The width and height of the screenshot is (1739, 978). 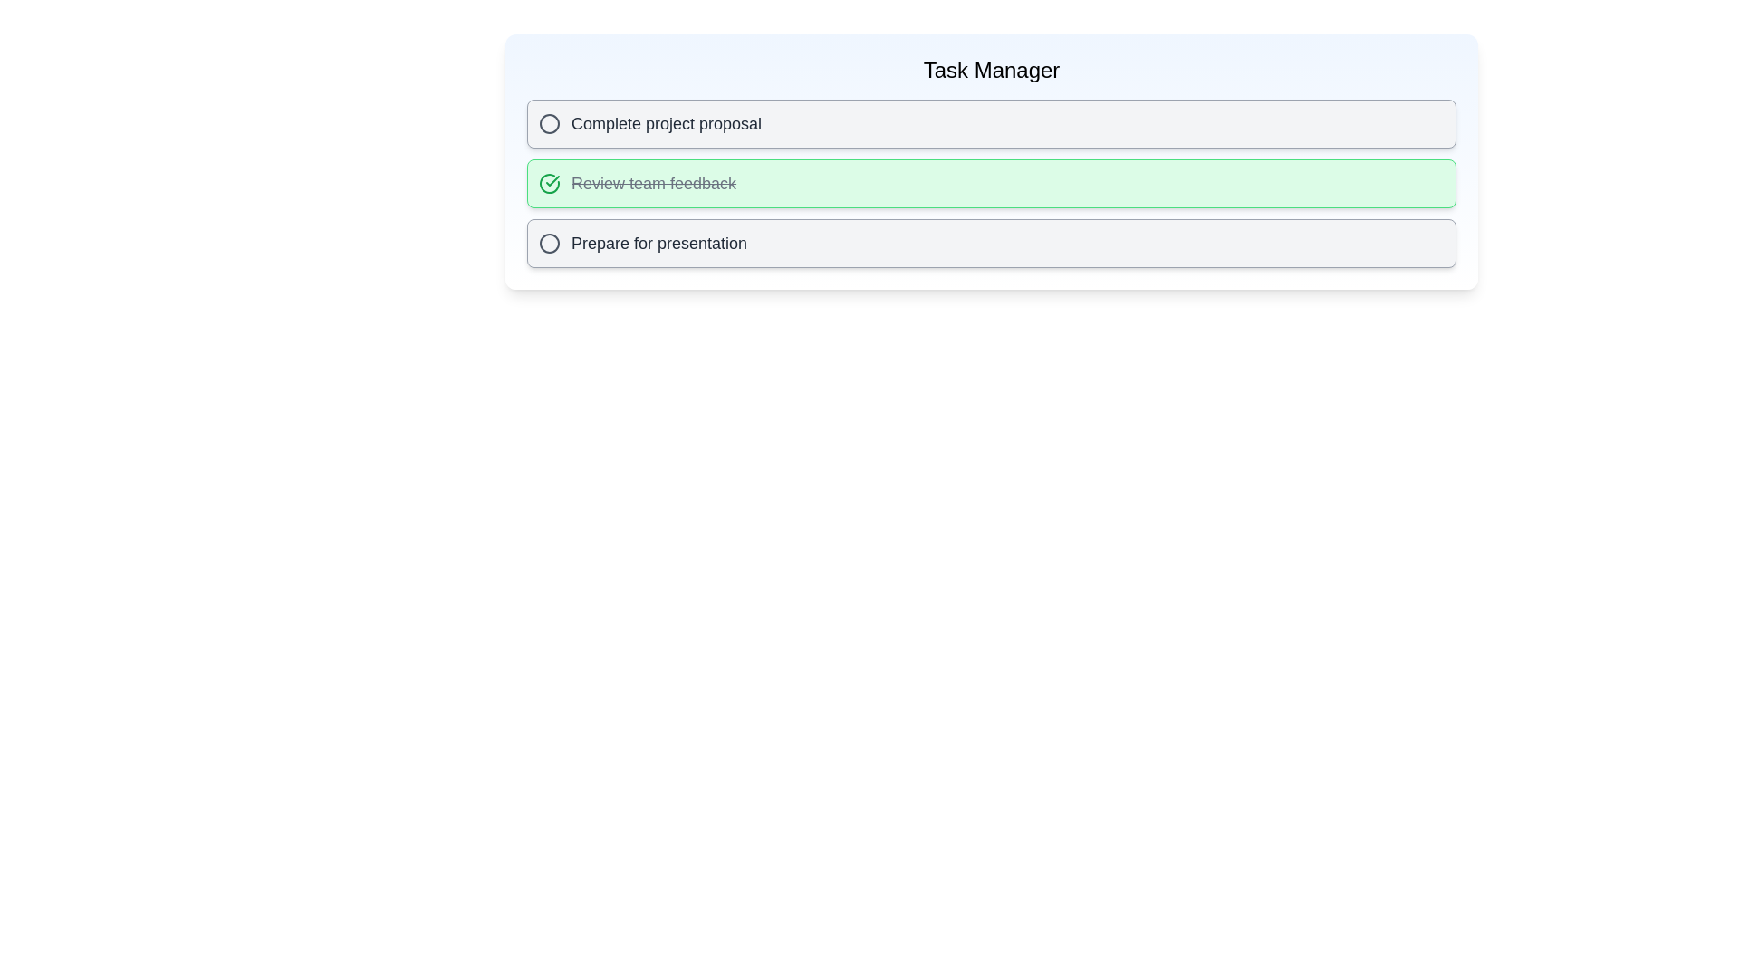 What do you see at coordinates (990, 123) in the screenshot?
I see `the task with description 'Complete project proposal' to observe the hover effect` at bounding box center [990, 123].